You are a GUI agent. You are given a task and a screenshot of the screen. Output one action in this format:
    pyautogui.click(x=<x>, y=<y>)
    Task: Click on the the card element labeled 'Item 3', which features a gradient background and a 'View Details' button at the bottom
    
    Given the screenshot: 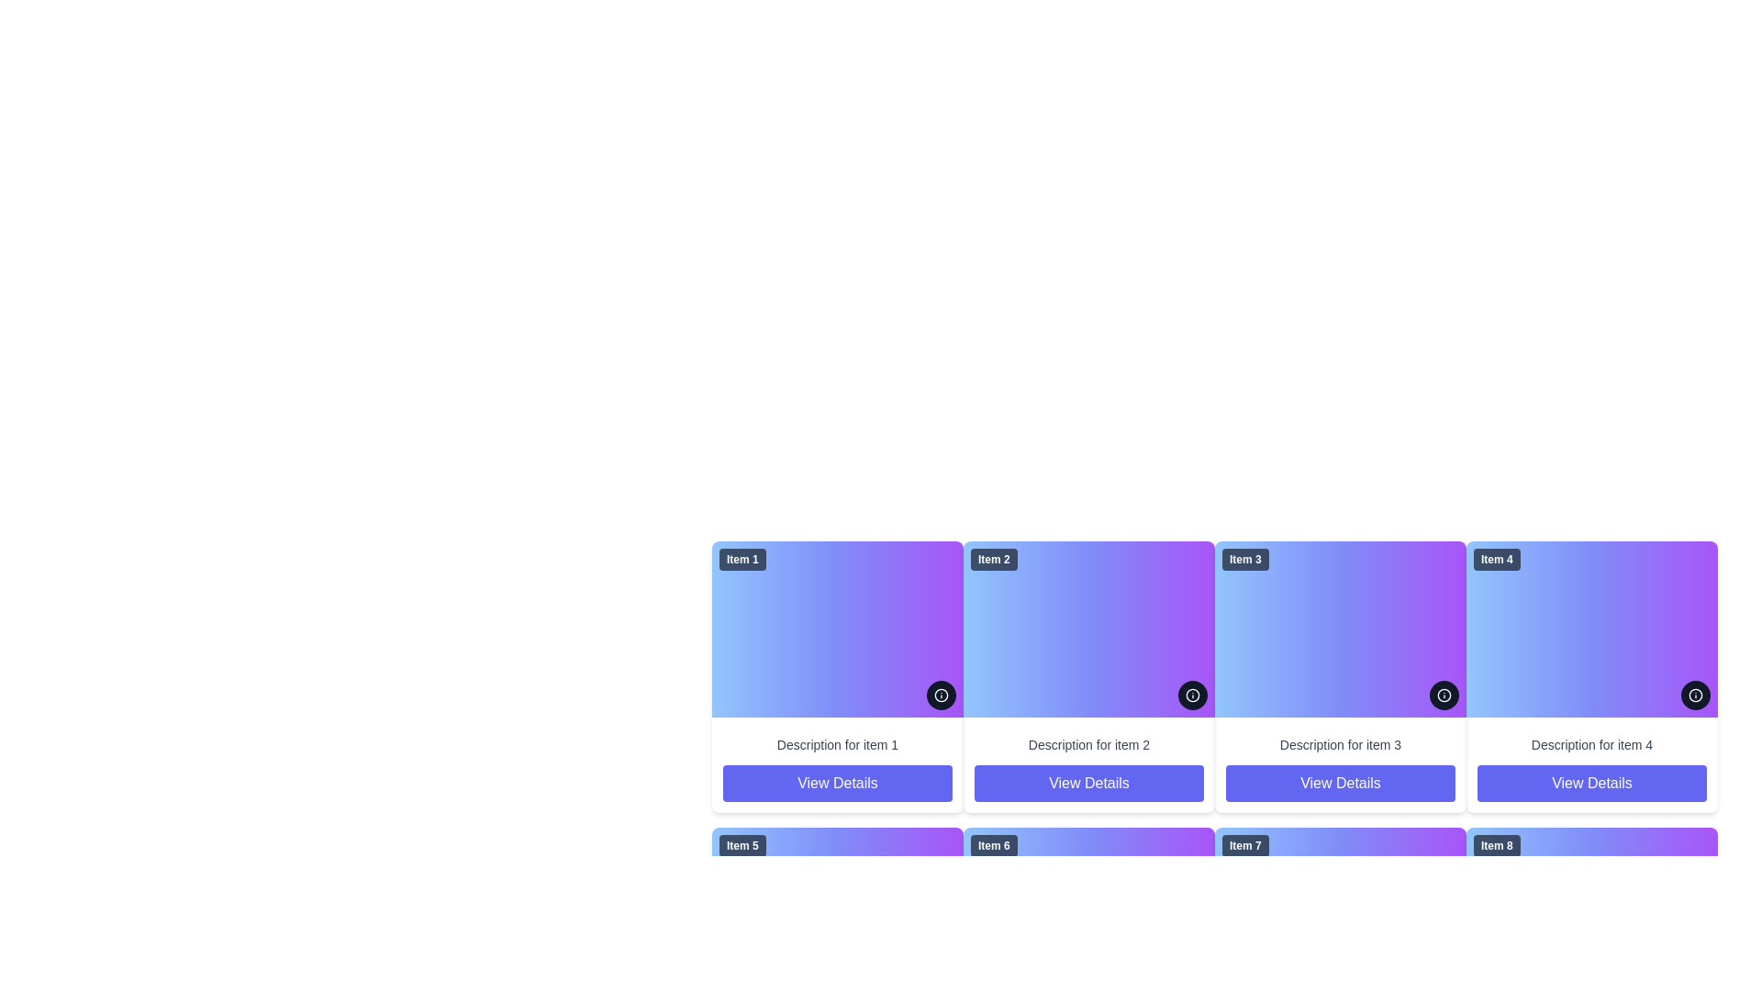 What is the action you would take?
    pyautogui.click(x=1340, y=676)
    